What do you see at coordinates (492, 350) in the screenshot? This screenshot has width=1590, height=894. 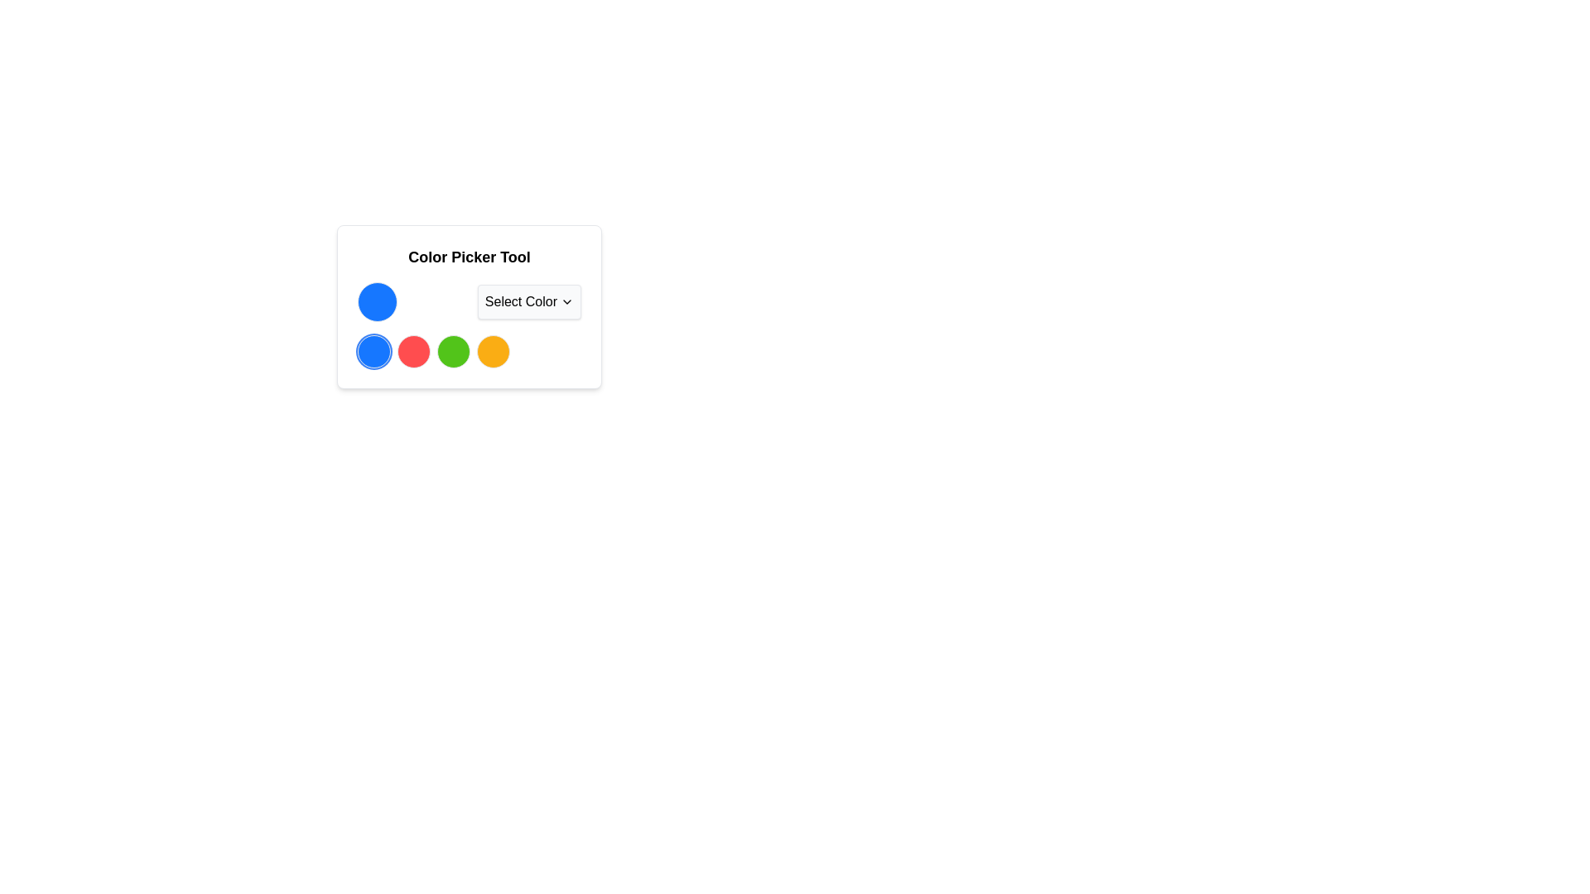 I see `the fourth circular Color selection button with a vibrant orange background` at bounding box center [492, 350].